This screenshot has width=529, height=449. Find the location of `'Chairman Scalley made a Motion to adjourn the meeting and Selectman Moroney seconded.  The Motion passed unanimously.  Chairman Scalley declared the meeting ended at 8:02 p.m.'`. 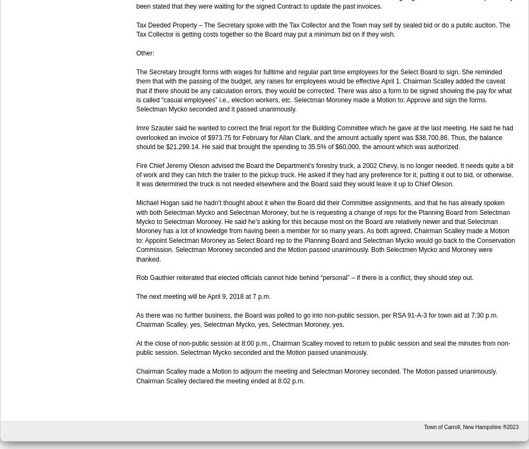

'Chairman Scalley made a Motion to adjourn the meeting and Selectman Moroney seconded.  The Motion passed unanimously.  Chairman Scalley declared the meeting ended at 8:02 p.m.' is located at coordinates (316, 376).